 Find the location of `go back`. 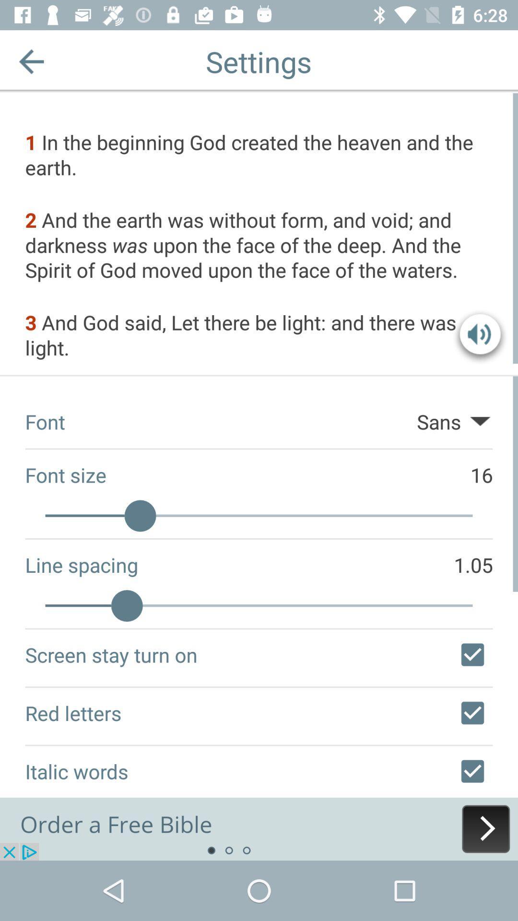

go back is located at coordinates (31, 61).